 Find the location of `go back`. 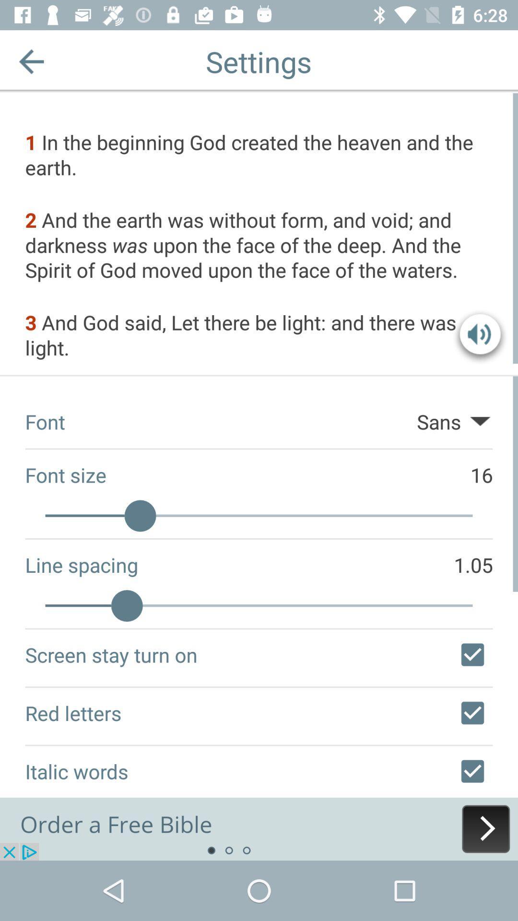

go back is located at coordinates (31, 61).